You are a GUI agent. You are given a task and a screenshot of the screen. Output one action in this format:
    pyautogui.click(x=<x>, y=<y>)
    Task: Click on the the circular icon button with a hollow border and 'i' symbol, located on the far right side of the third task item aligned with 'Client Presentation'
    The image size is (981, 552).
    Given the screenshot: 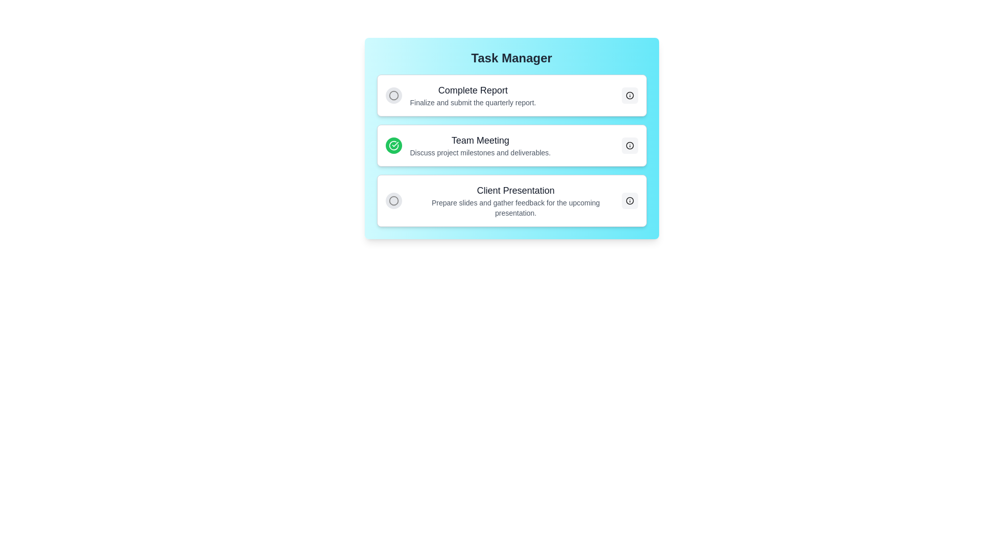 What is the action you would take?
    pyautogui.click(x=629, y=201)
    